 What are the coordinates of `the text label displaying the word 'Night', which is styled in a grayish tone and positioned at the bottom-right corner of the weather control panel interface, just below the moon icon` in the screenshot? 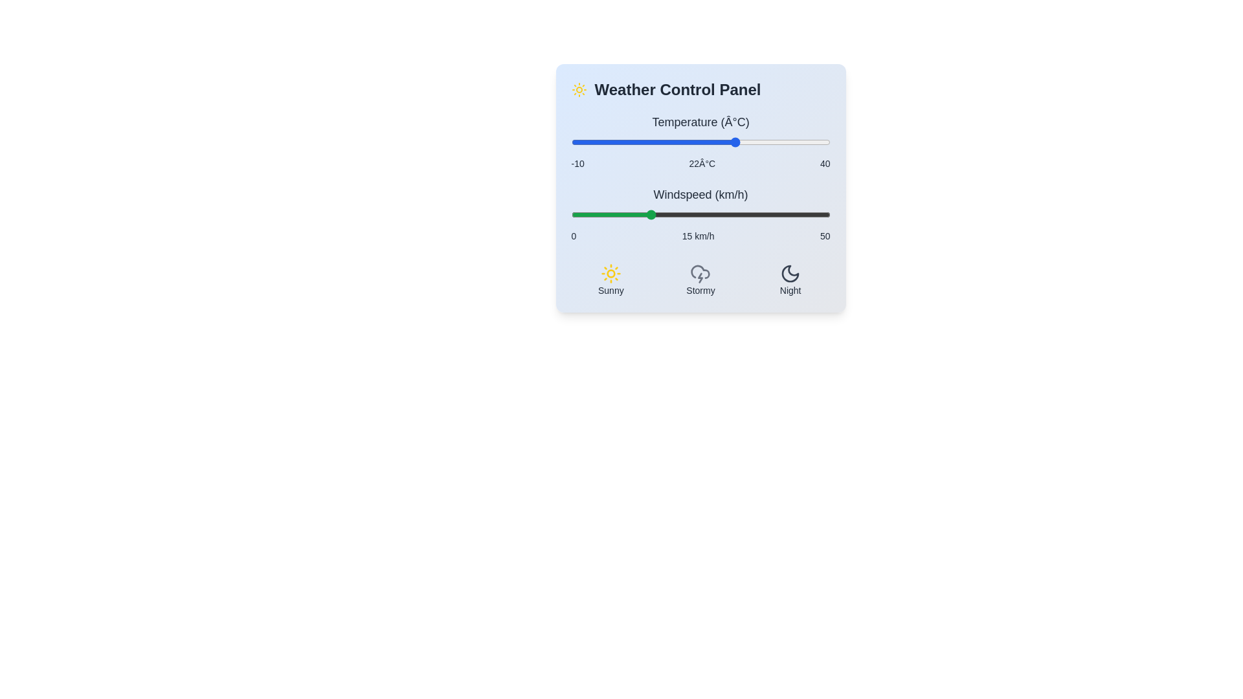 It's located at (790, 289).